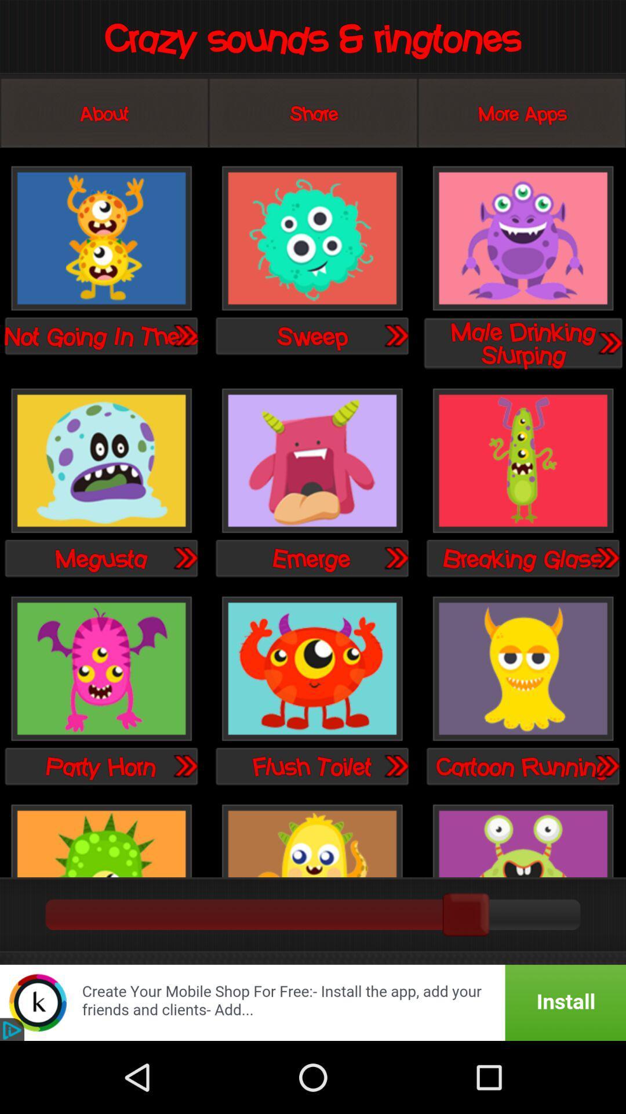 This screenshot has width=626, height=1114. Describe the element at coordinates (101, 670) in the screenshot. I see `click on the party on option` at that location.